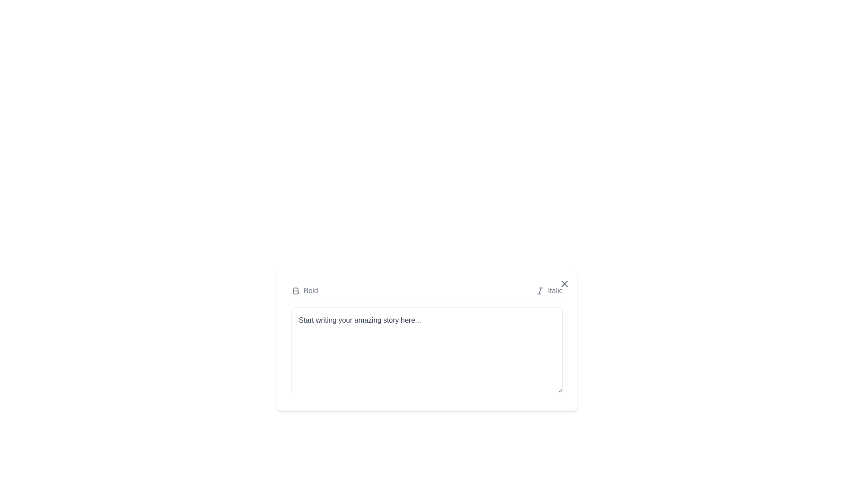 The image size is (857, 482). What do you see at coordinates (426, 350) in the screenshot?
I see `the center of the text area to focus it` at bounding box center [426, 350].